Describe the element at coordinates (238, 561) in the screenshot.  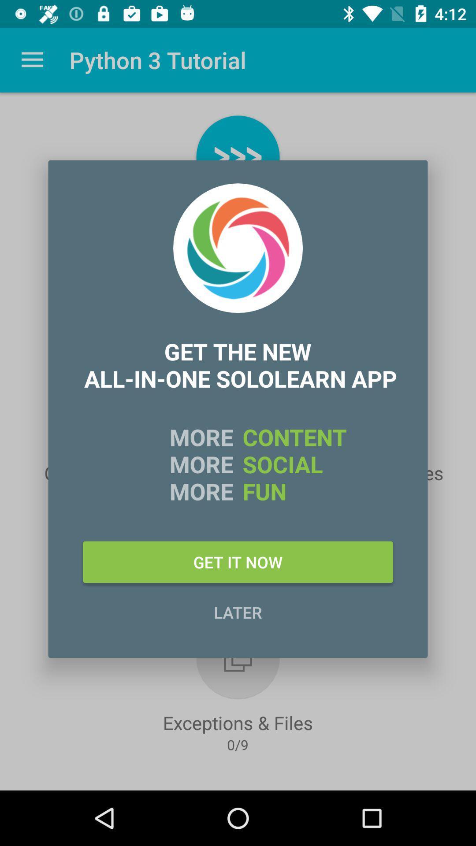
I see `the get it now item` at that location.